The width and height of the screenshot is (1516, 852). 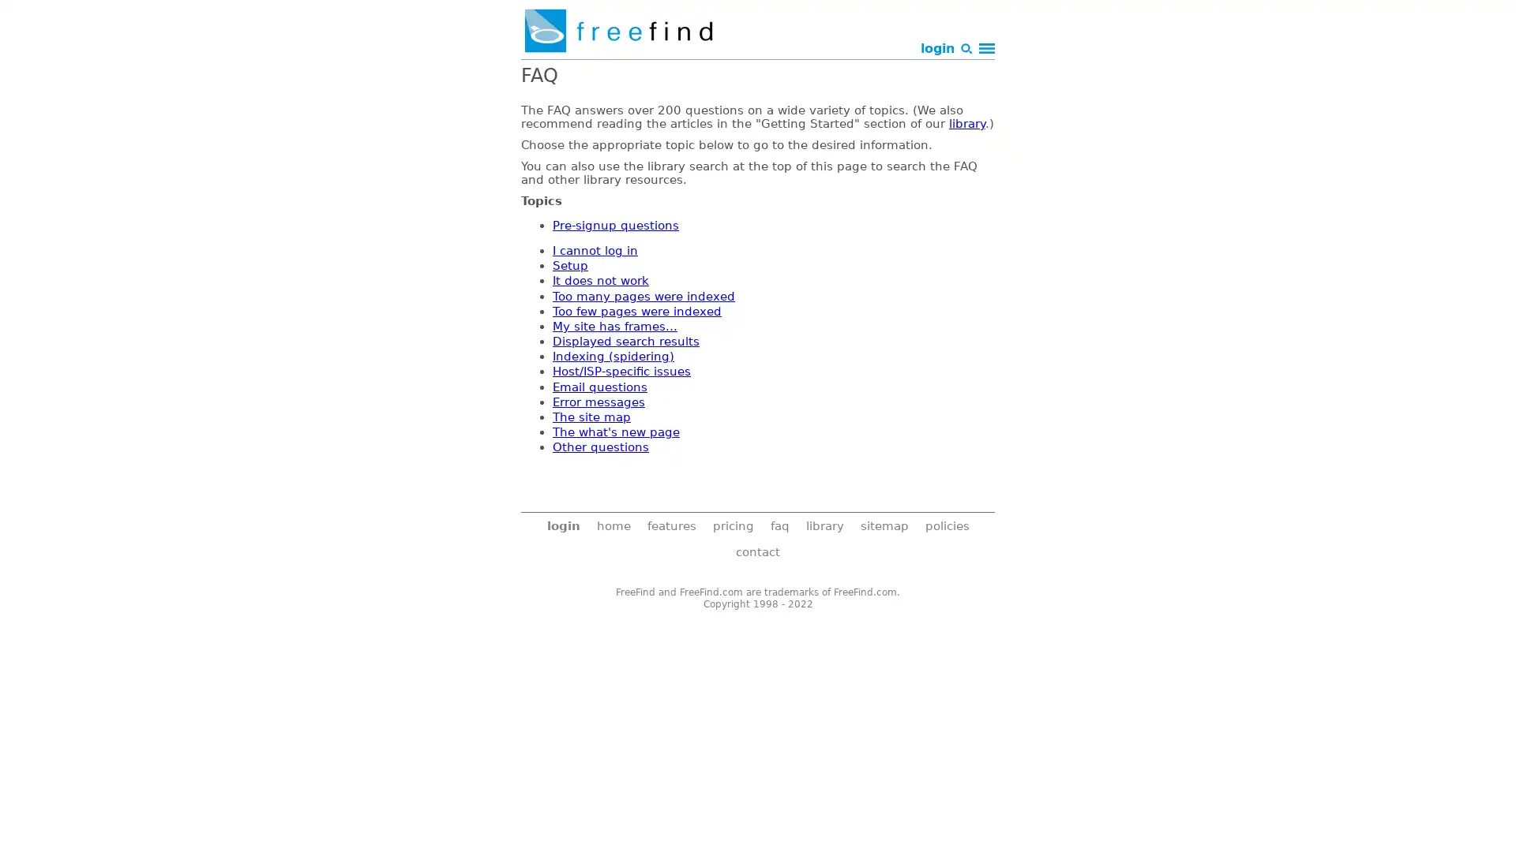 I want to click on Search, so click(x=855, y=77).